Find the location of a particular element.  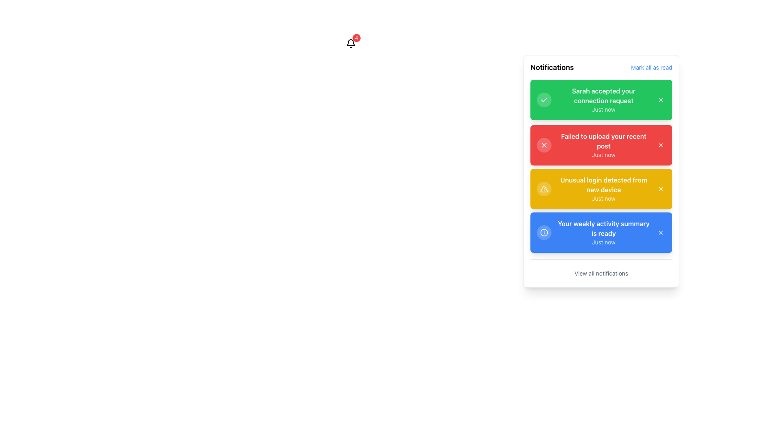

the circular icon with a light blue background and white border, located in the last blue notification row is located at coordinates (544, 232).